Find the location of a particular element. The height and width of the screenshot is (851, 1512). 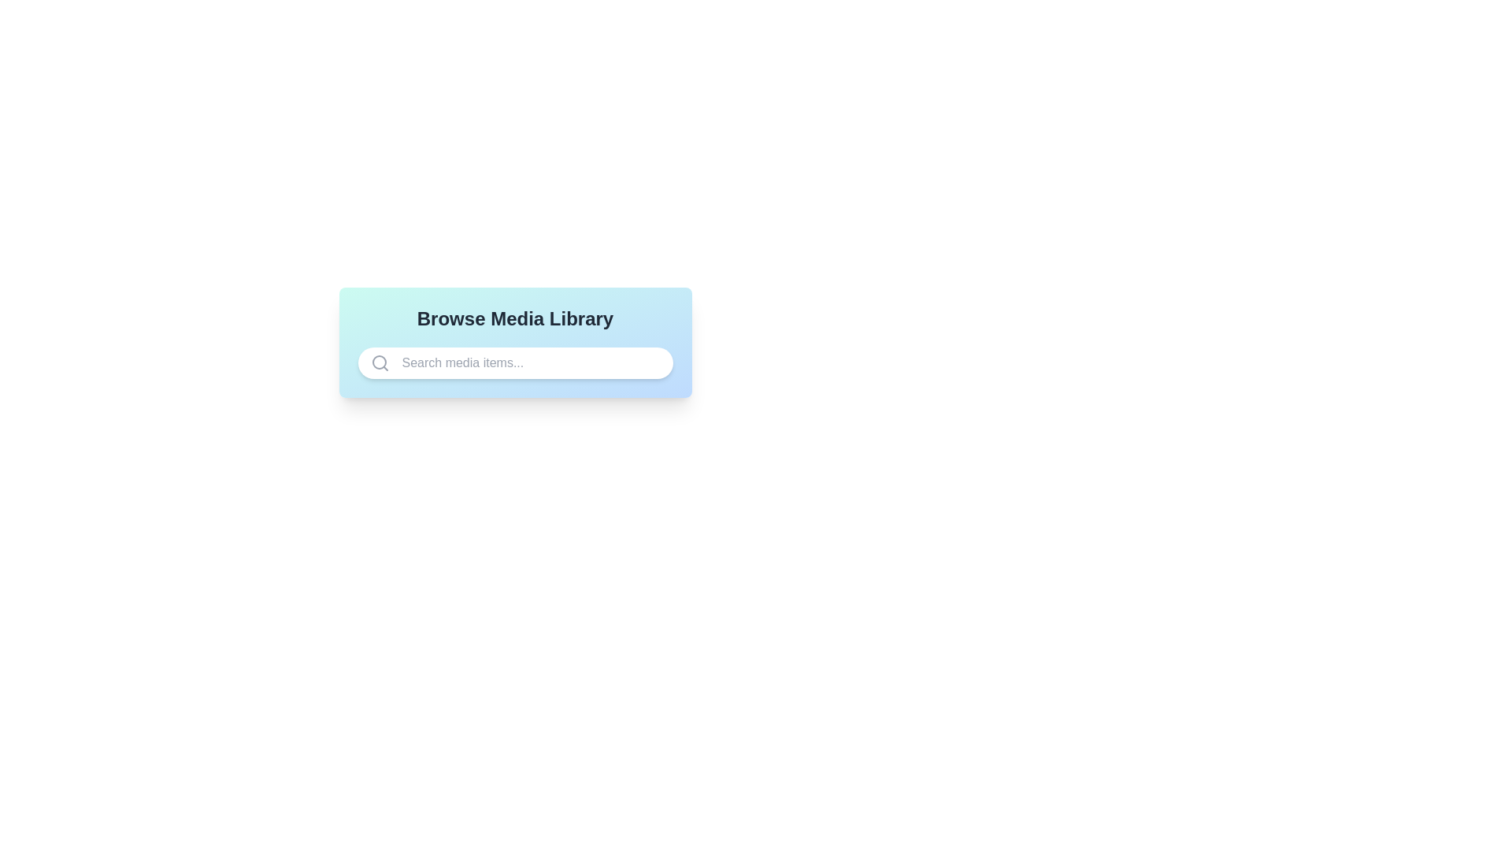

the static text label that serves as a heading for the media library section, positioned above the search input box is located at coordinates (515, 319).